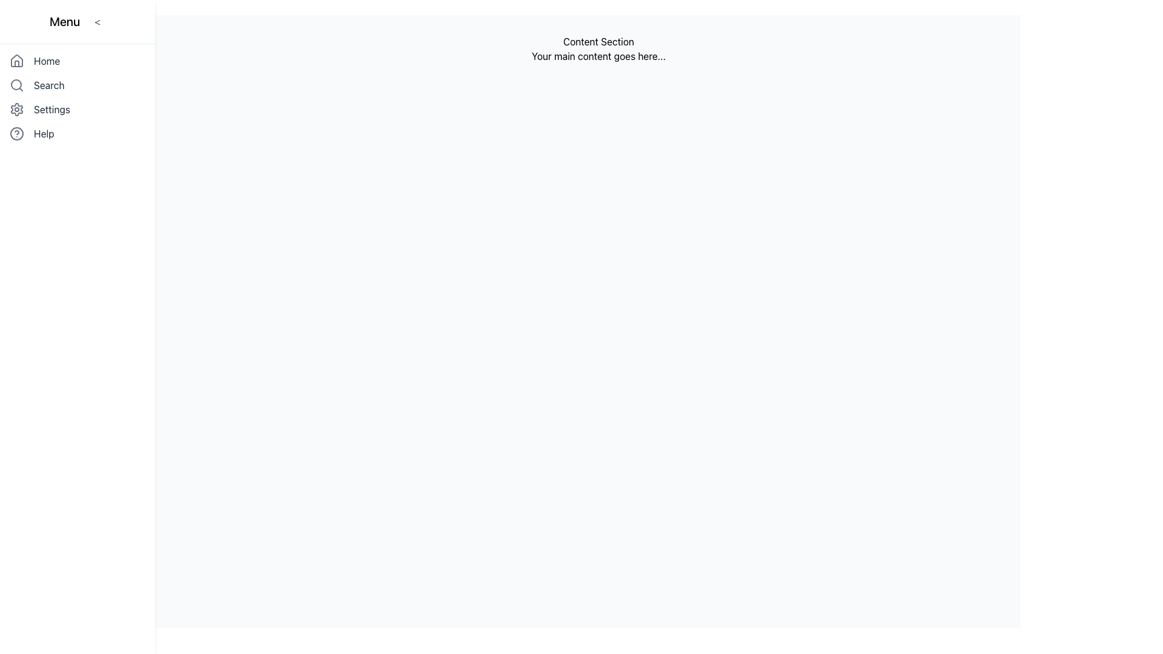 This screenshot has height=654, width=1163. I want to click on the styling of the help Text label located in the sidebar navigation menu as the fourth item under 'Settings', so click(44, 133).